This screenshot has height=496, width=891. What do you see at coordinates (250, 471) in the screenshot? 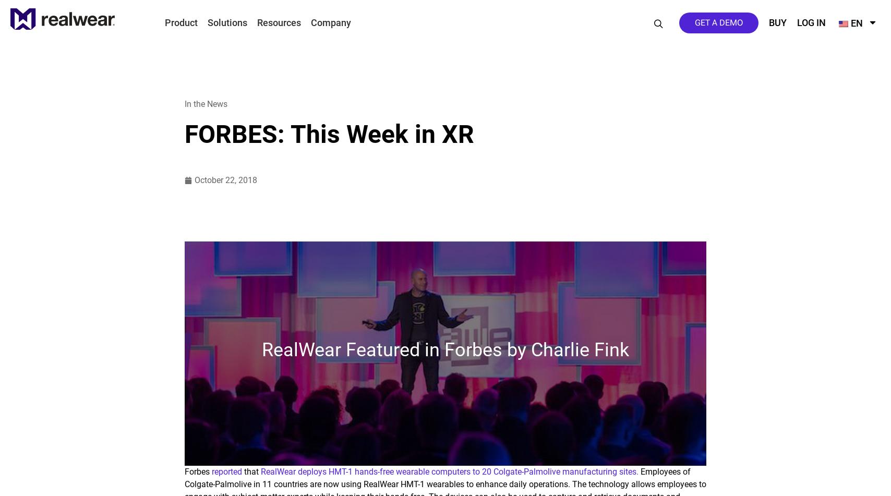
I see `'that'` at bounding box center [250, 471].